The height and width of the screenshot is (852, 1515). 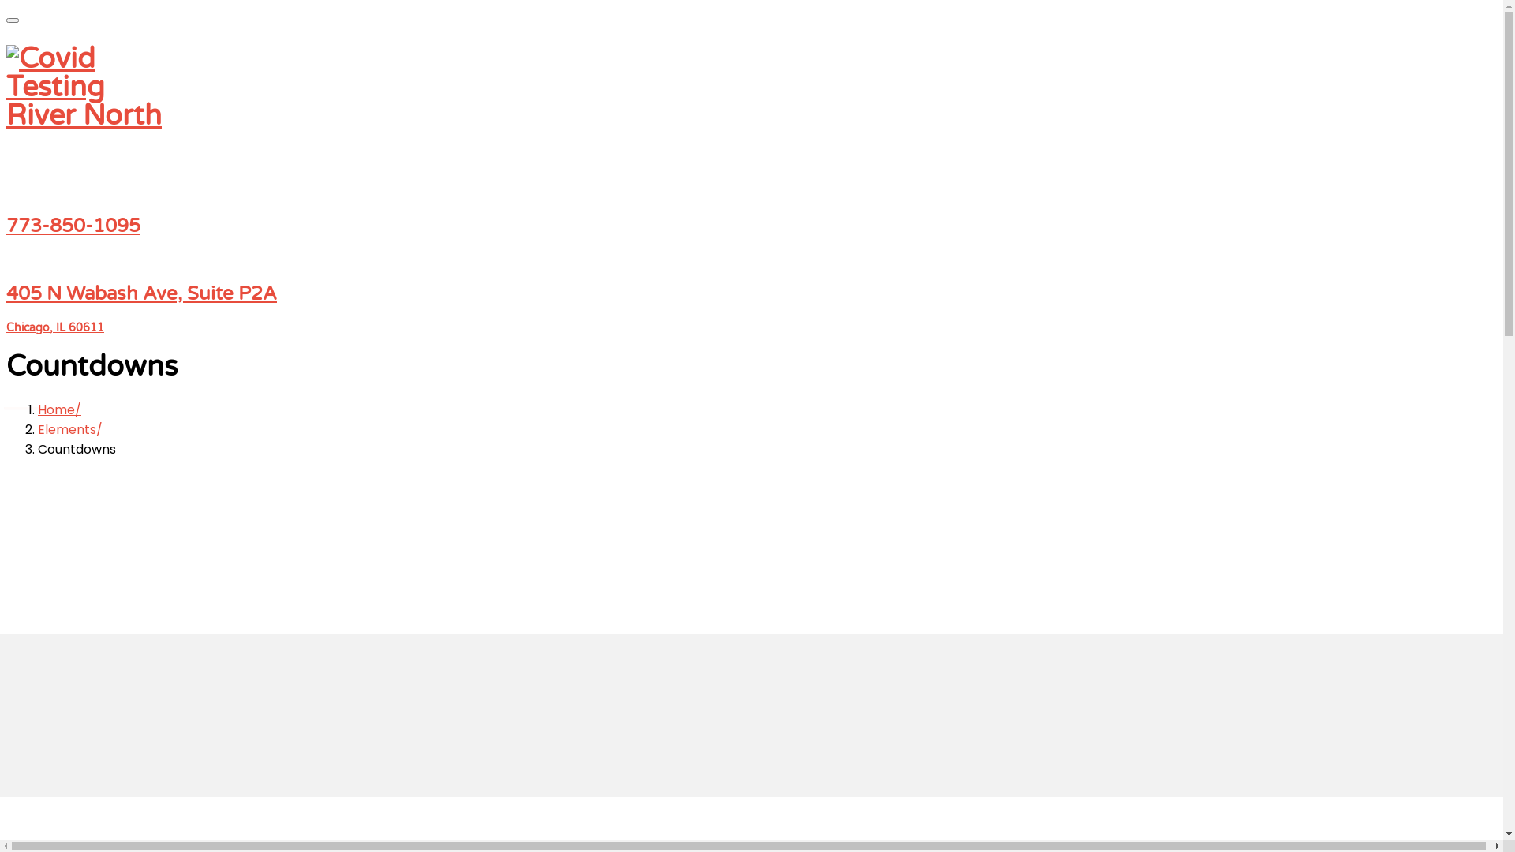 I want to click on '405 N Wabash Ave, Suite P2A, so click(x=750, y=309).